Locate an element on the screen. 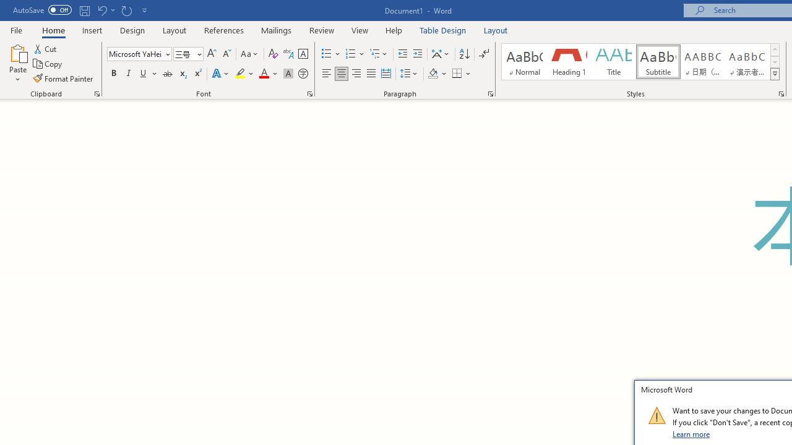 This screenshot has height=445, width=792. 'AutoSave' is located at coordinates (42, 10).